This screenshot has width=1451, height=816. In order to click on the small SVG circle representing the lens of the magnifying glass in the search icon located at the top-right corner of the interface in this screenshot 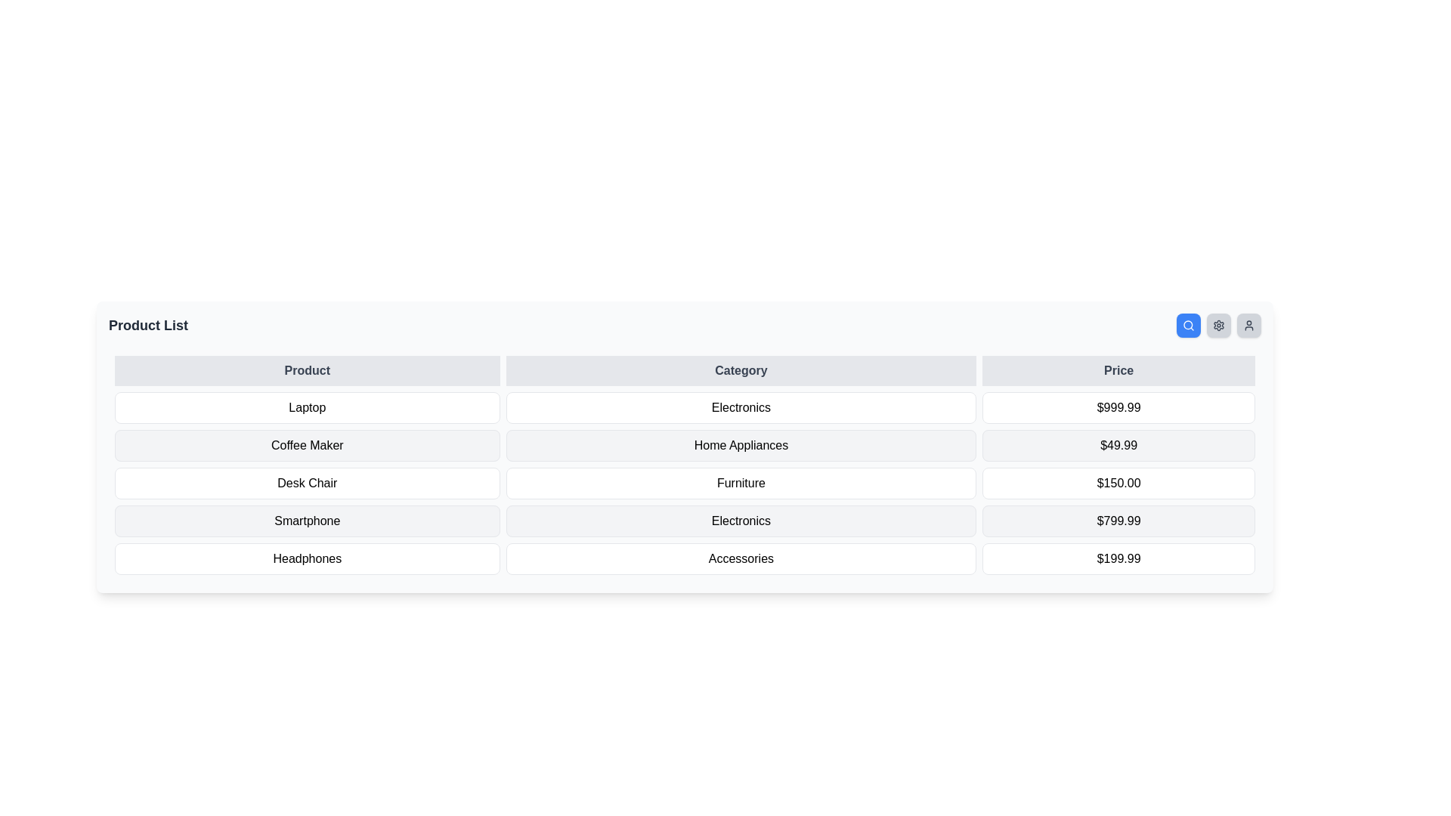, I will do `click(1187, 324)`.